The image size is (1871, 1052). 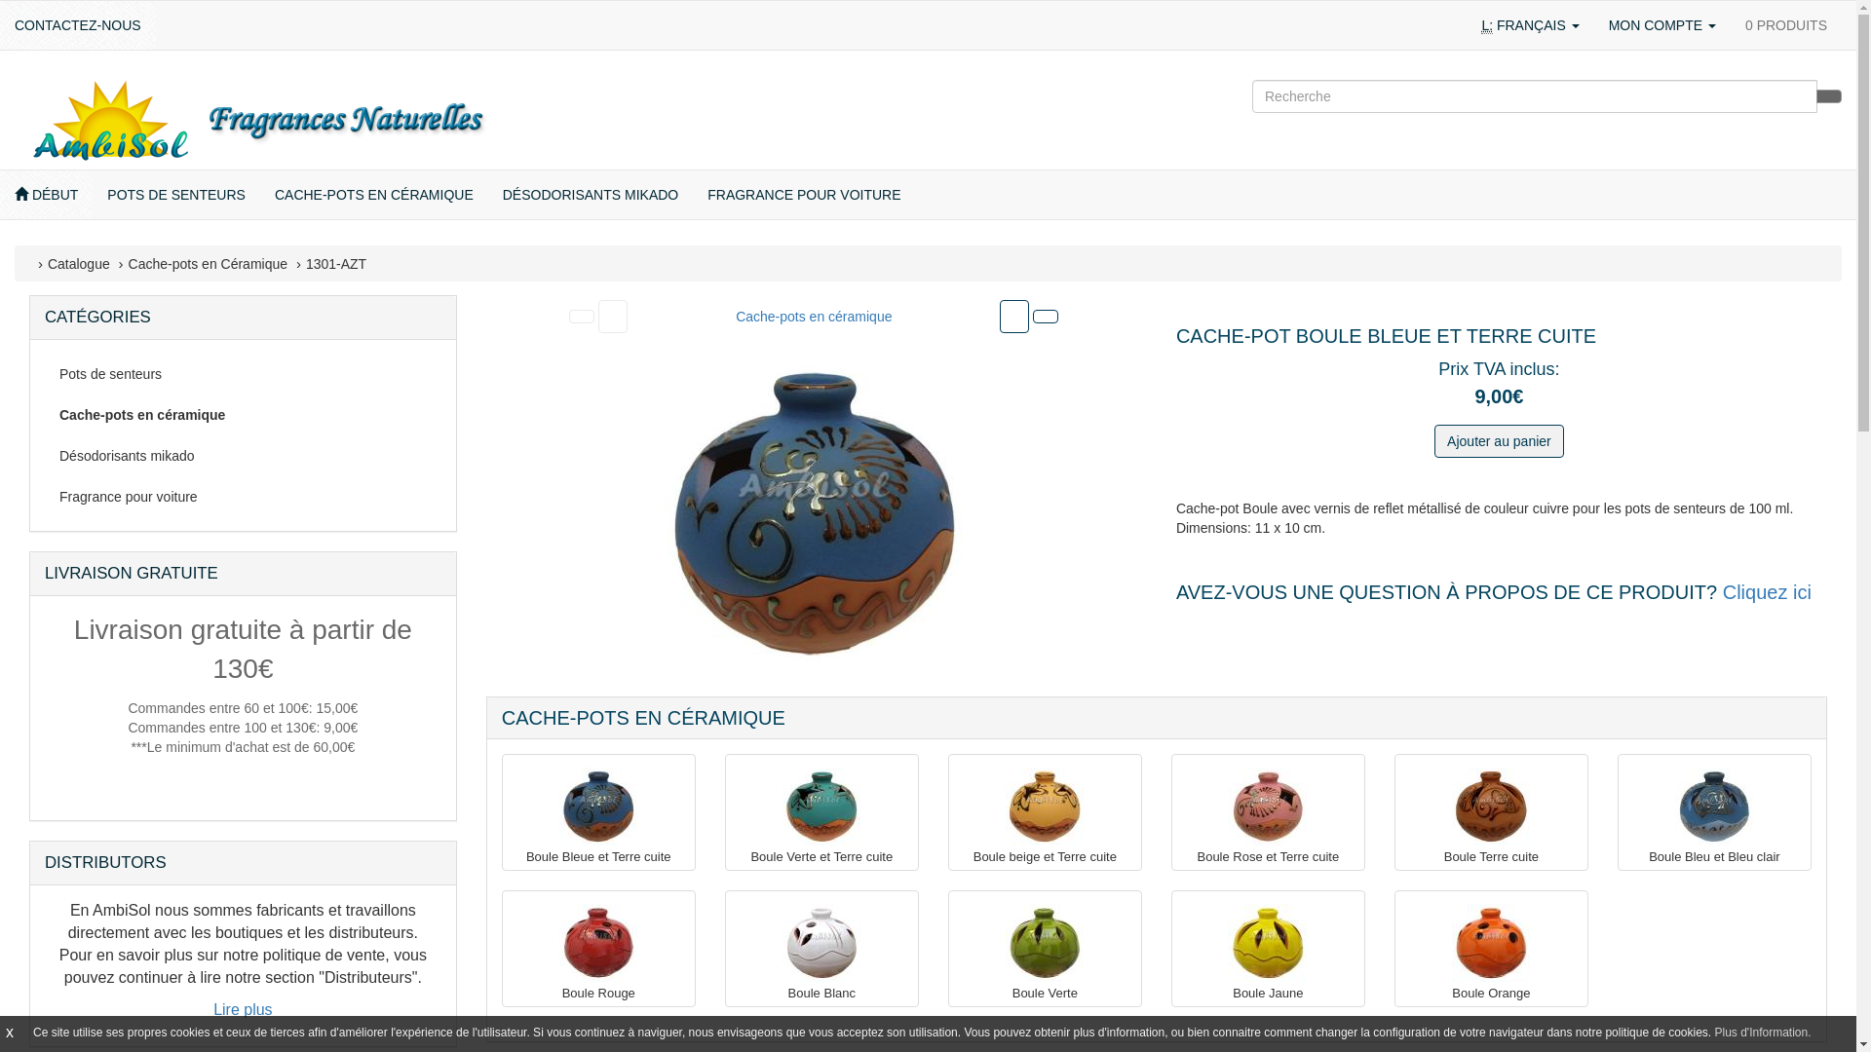 What do you see at coordinates (47, 263) in the screenshot?
I see `'Catalogue'` at bounding box center [47, 263].